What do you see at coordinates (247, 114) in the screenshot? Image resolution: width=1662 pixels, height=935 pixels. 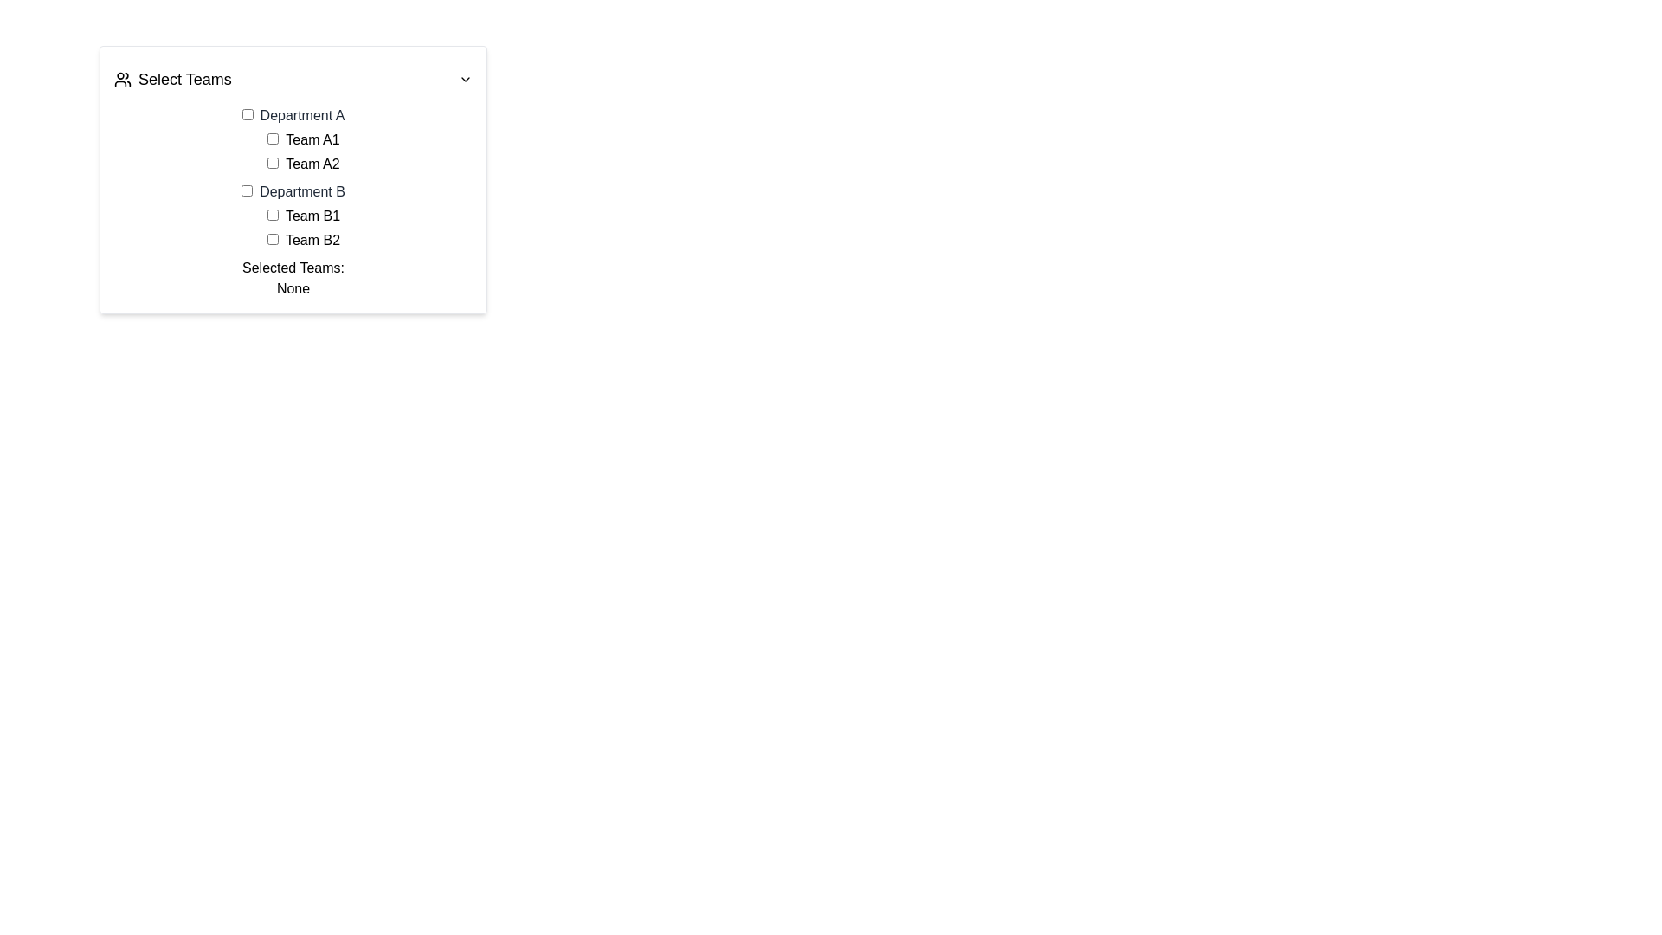 I see `the checkbox located immediately to the left of the text 'Department A' in the dropdown content` at bounding box center [247, 114].